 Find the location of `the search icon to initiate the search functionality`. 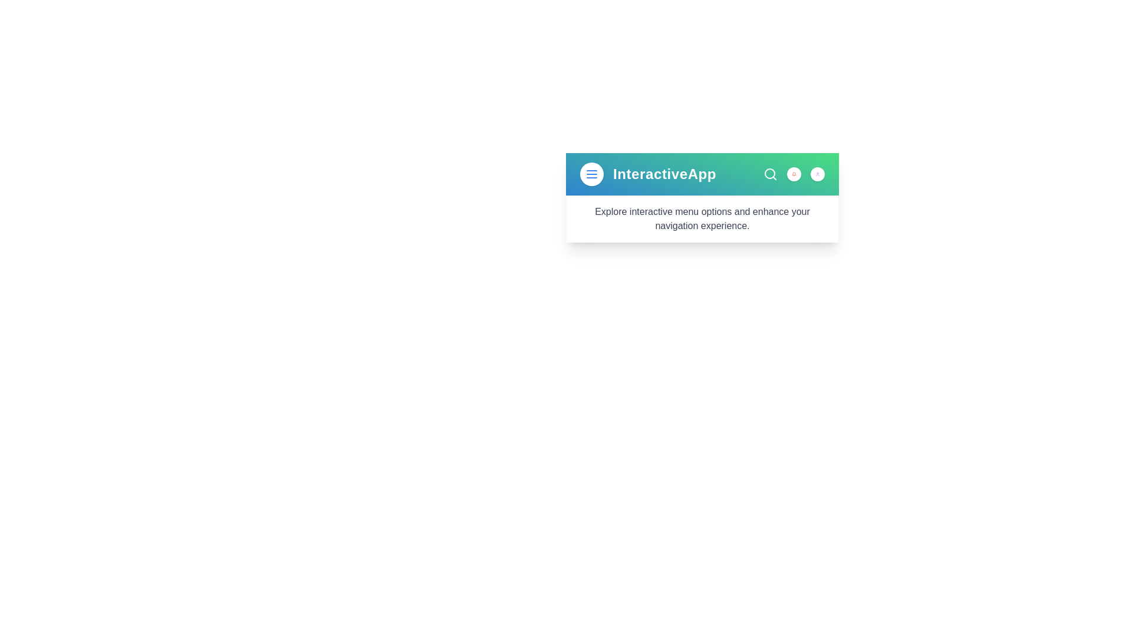

the search icon to initiate the search functionality is located at coordinates (770, 174).